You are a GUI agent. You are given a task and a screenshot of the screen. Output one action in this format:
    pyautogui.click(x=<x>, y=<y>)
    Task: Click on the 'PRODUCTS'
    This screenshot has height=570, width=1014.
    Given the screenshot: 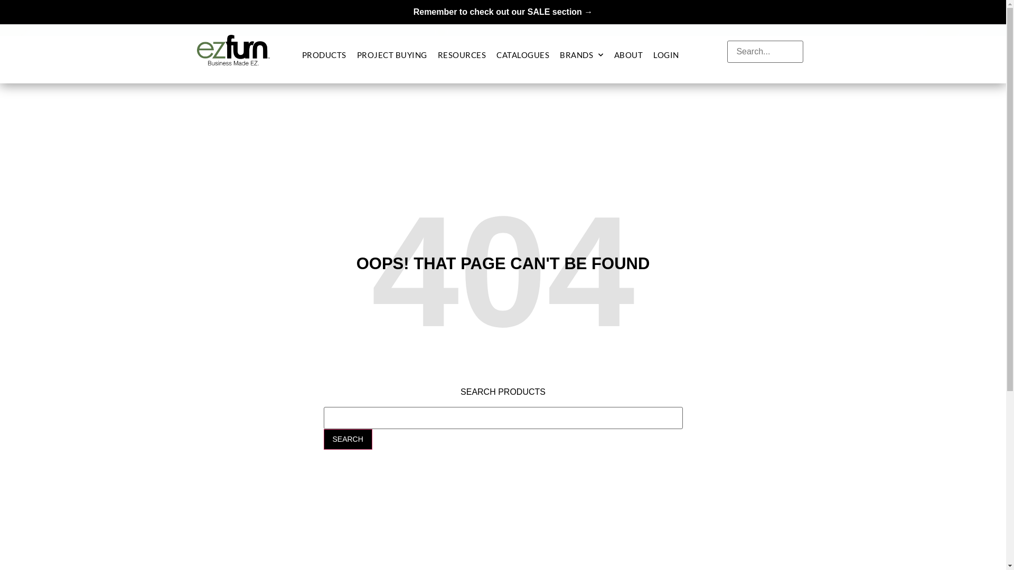 What is the action you would take?
    pyautogui.click(x=324, y=55)
    